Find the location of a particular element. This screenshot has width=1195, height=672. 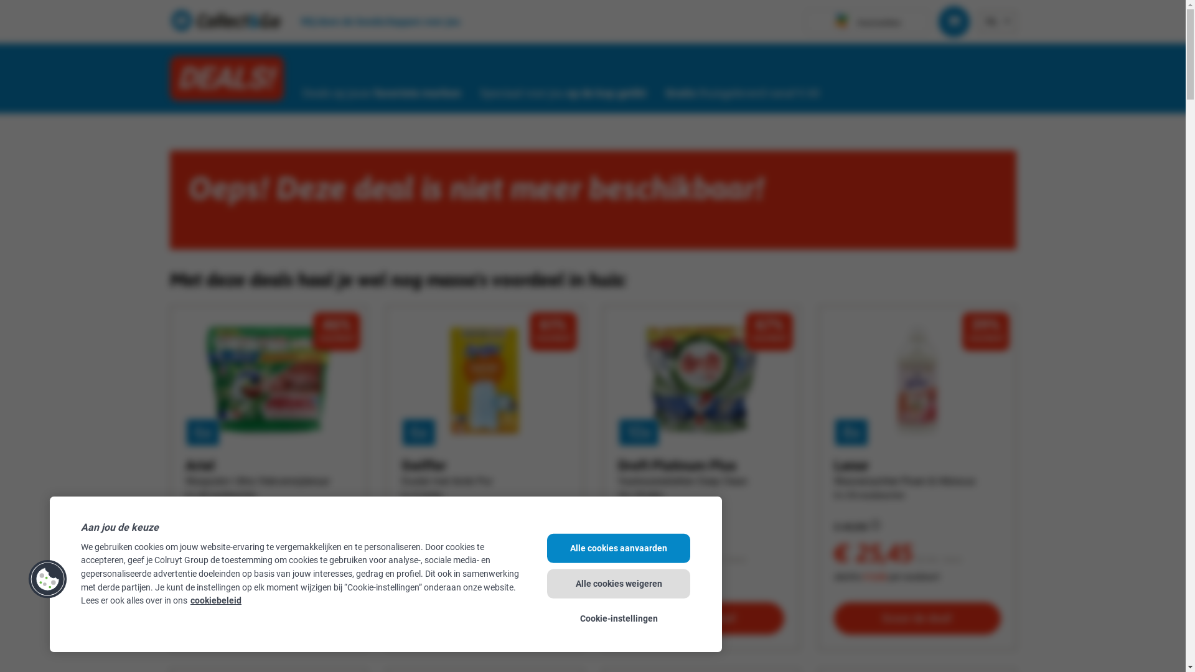

'Alle cookies weigeren' is located at coordinates (618, 583).